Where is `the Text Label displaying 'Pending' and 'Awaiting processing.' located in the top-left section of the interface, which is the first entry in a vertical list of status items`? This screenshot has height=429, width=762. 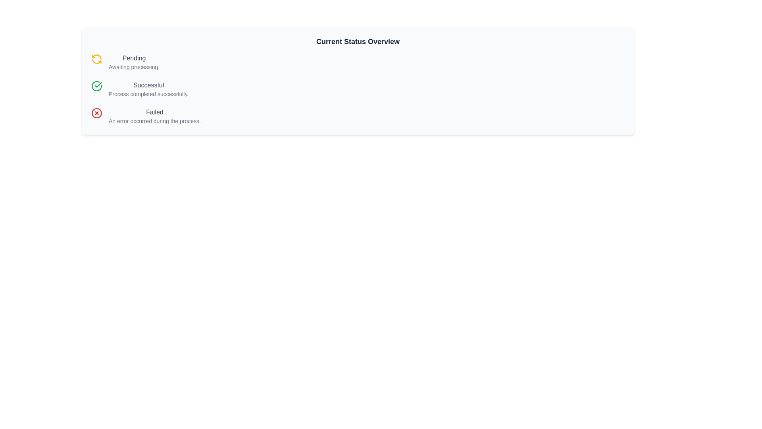
the Text Label displaying 'Pending' and 'Awaiting processing.' located in the top-left section of the interface, which is the first entry in a vertical list of status items is located at coordinates (134, 62).